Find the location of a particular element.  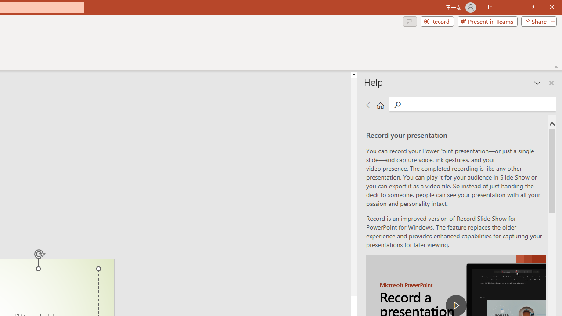

'Comments' is located at coordinates (409, 21).